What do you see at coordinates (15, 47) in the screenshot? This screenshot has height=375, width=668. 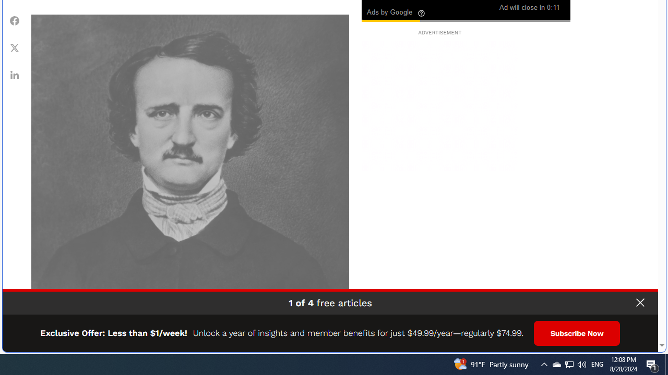 I see `'Class: fs-icon fs-icon--xCorp'` at bounding box center [15, 47].